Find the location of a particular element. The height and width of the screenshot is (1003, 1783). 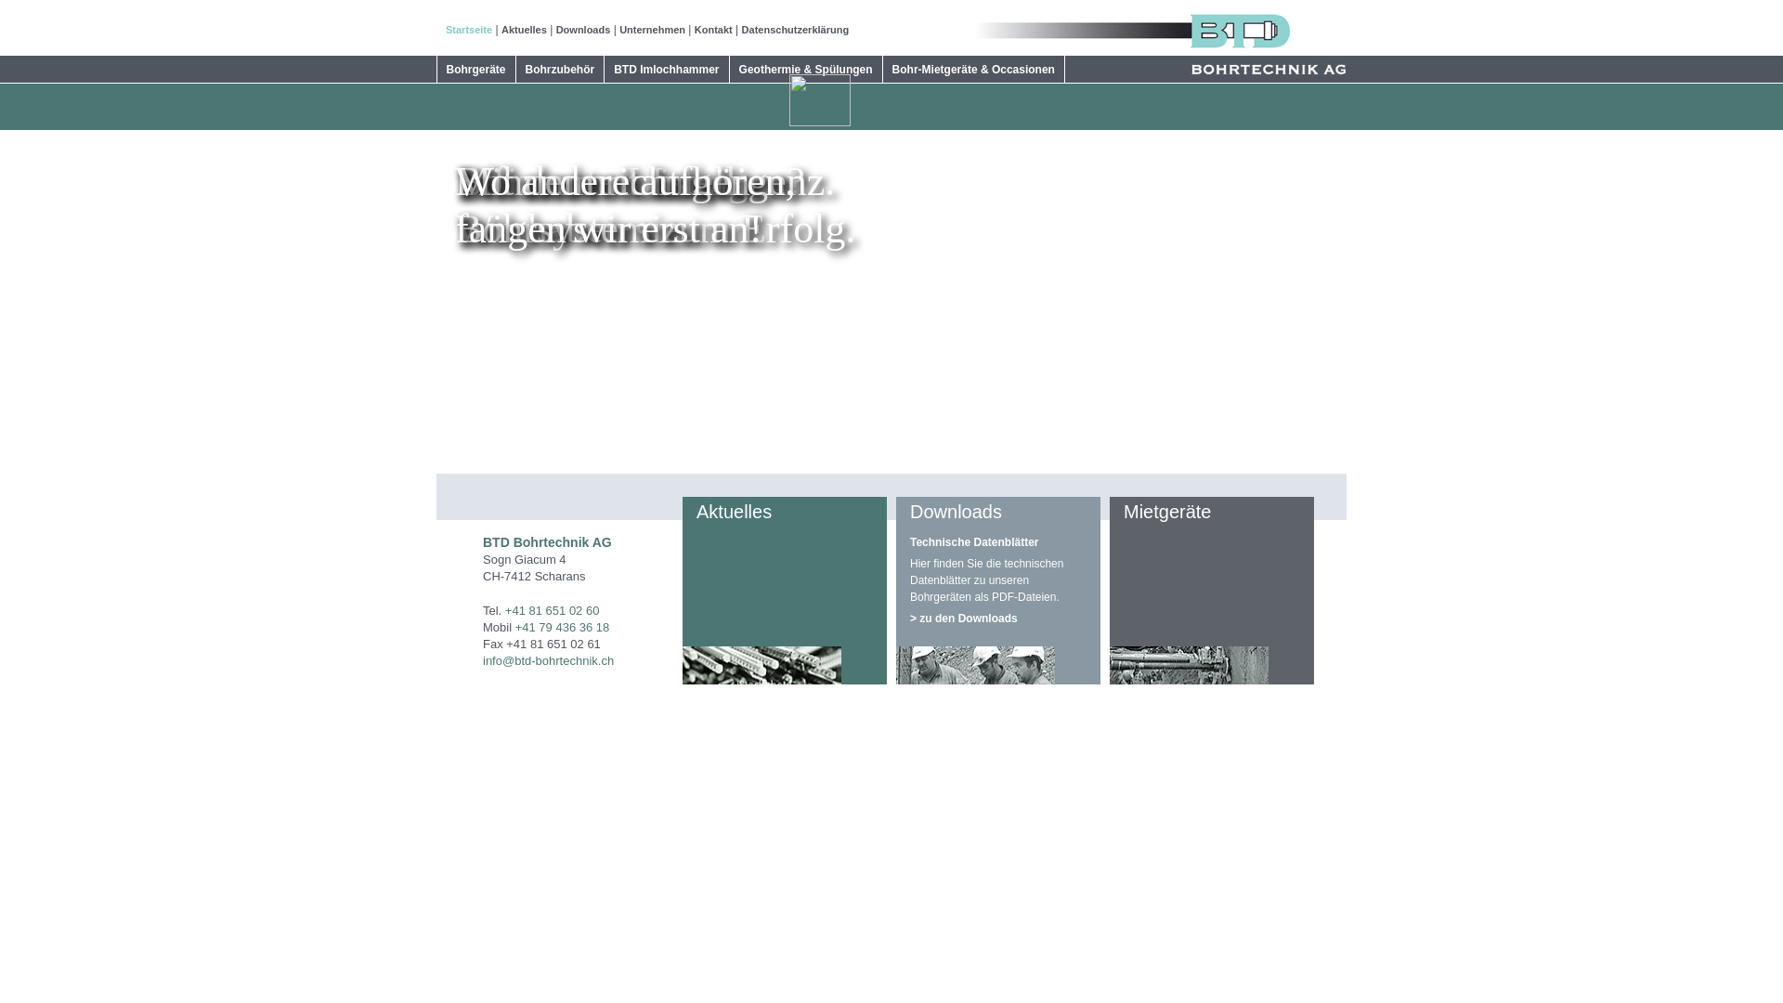

'Startseite' is located at coordinates (468, 29).